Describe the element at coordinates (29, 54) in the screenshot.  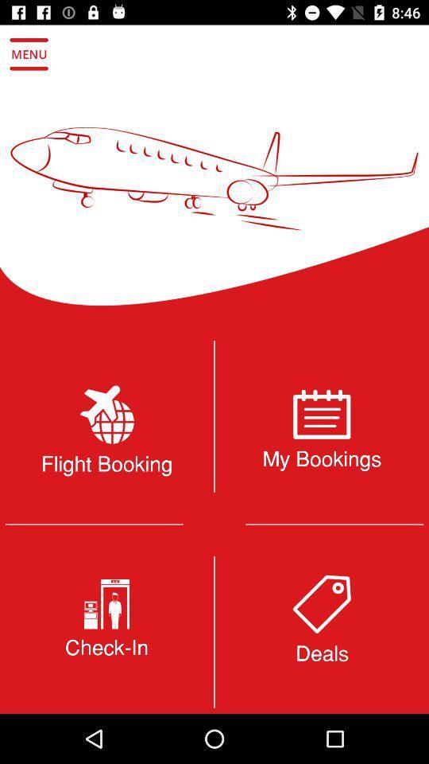
I see `menu button` at that location.